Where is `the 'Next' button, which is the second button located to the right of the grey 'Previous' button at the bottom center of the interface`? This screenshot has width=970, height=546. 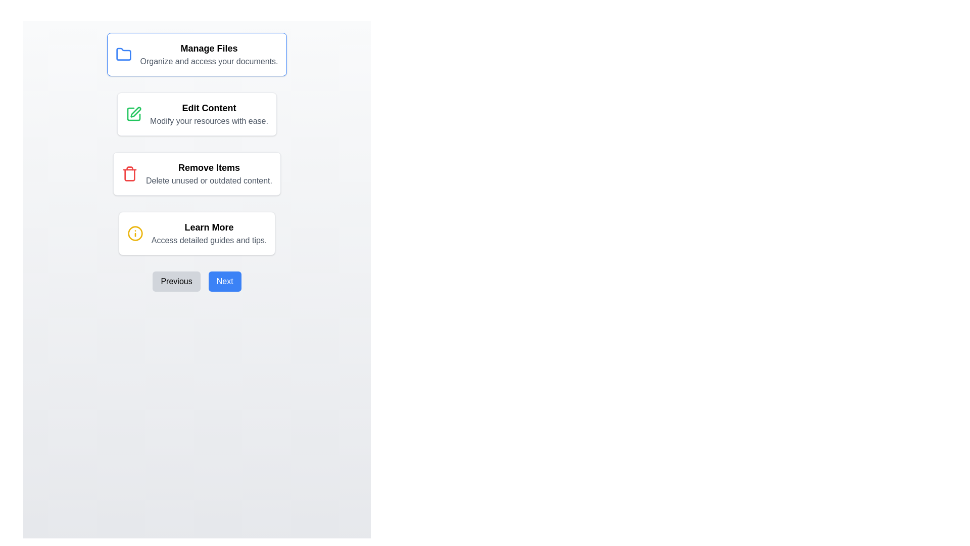 the 'Next' button, which is the second button located to the right of the grey 'Previous' button at the bottom center of the interface is located at coordinates (224, 281).